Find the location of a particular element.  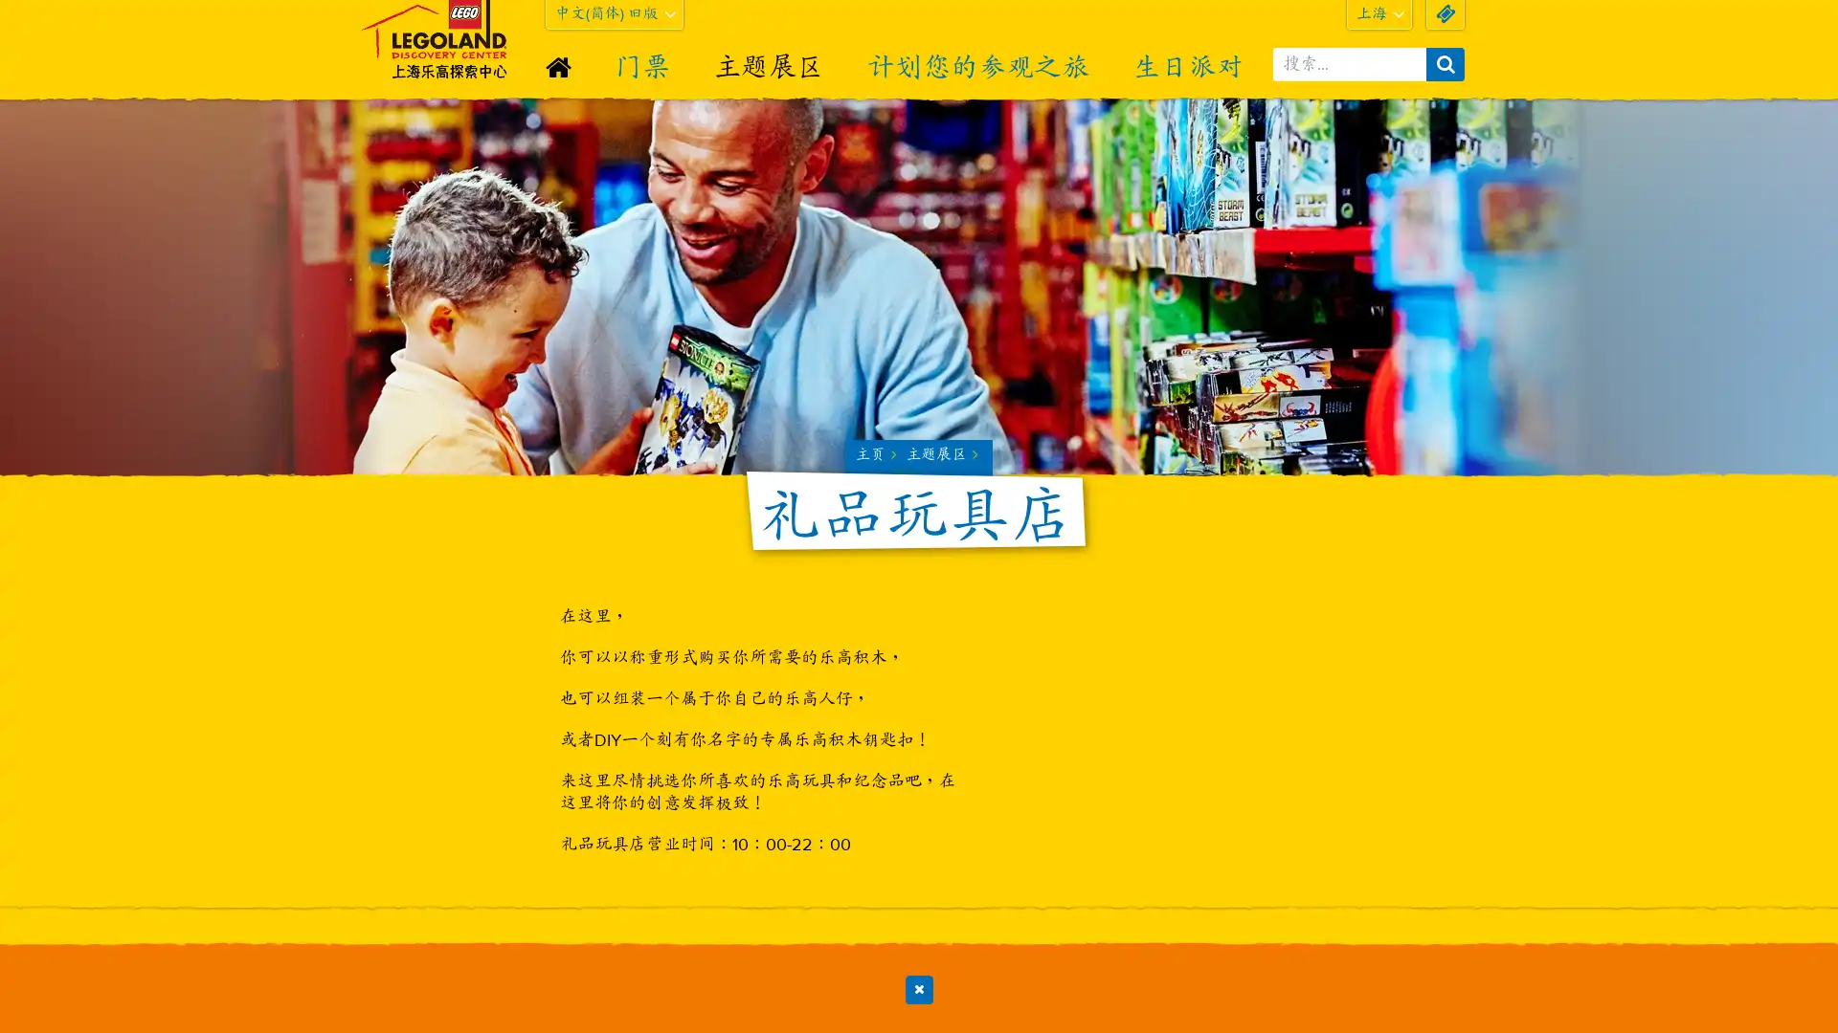

slide right is located at coordinates (1446, 961).